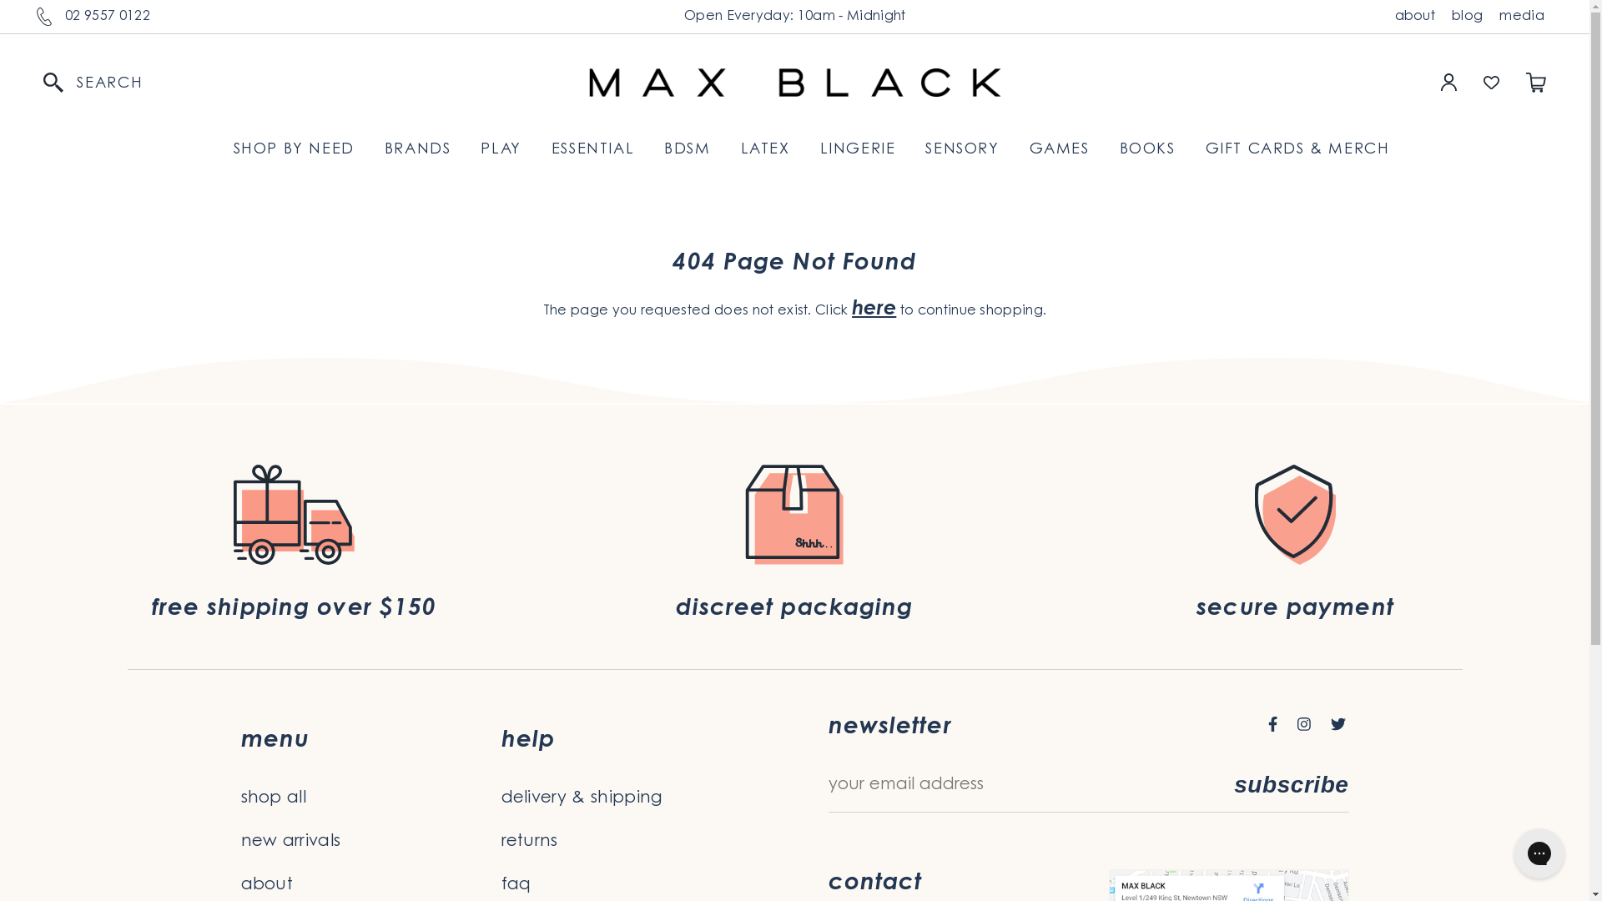 This screenshot has width=1602, height=901. Describe the element at coordinates (1490, 16) in the screenshot. I see `'media'` at that location.